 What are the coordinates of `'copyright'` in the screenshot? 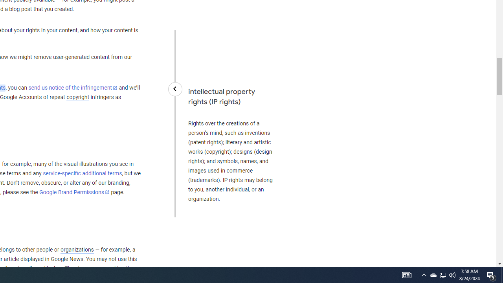 It's located at (78, 97).